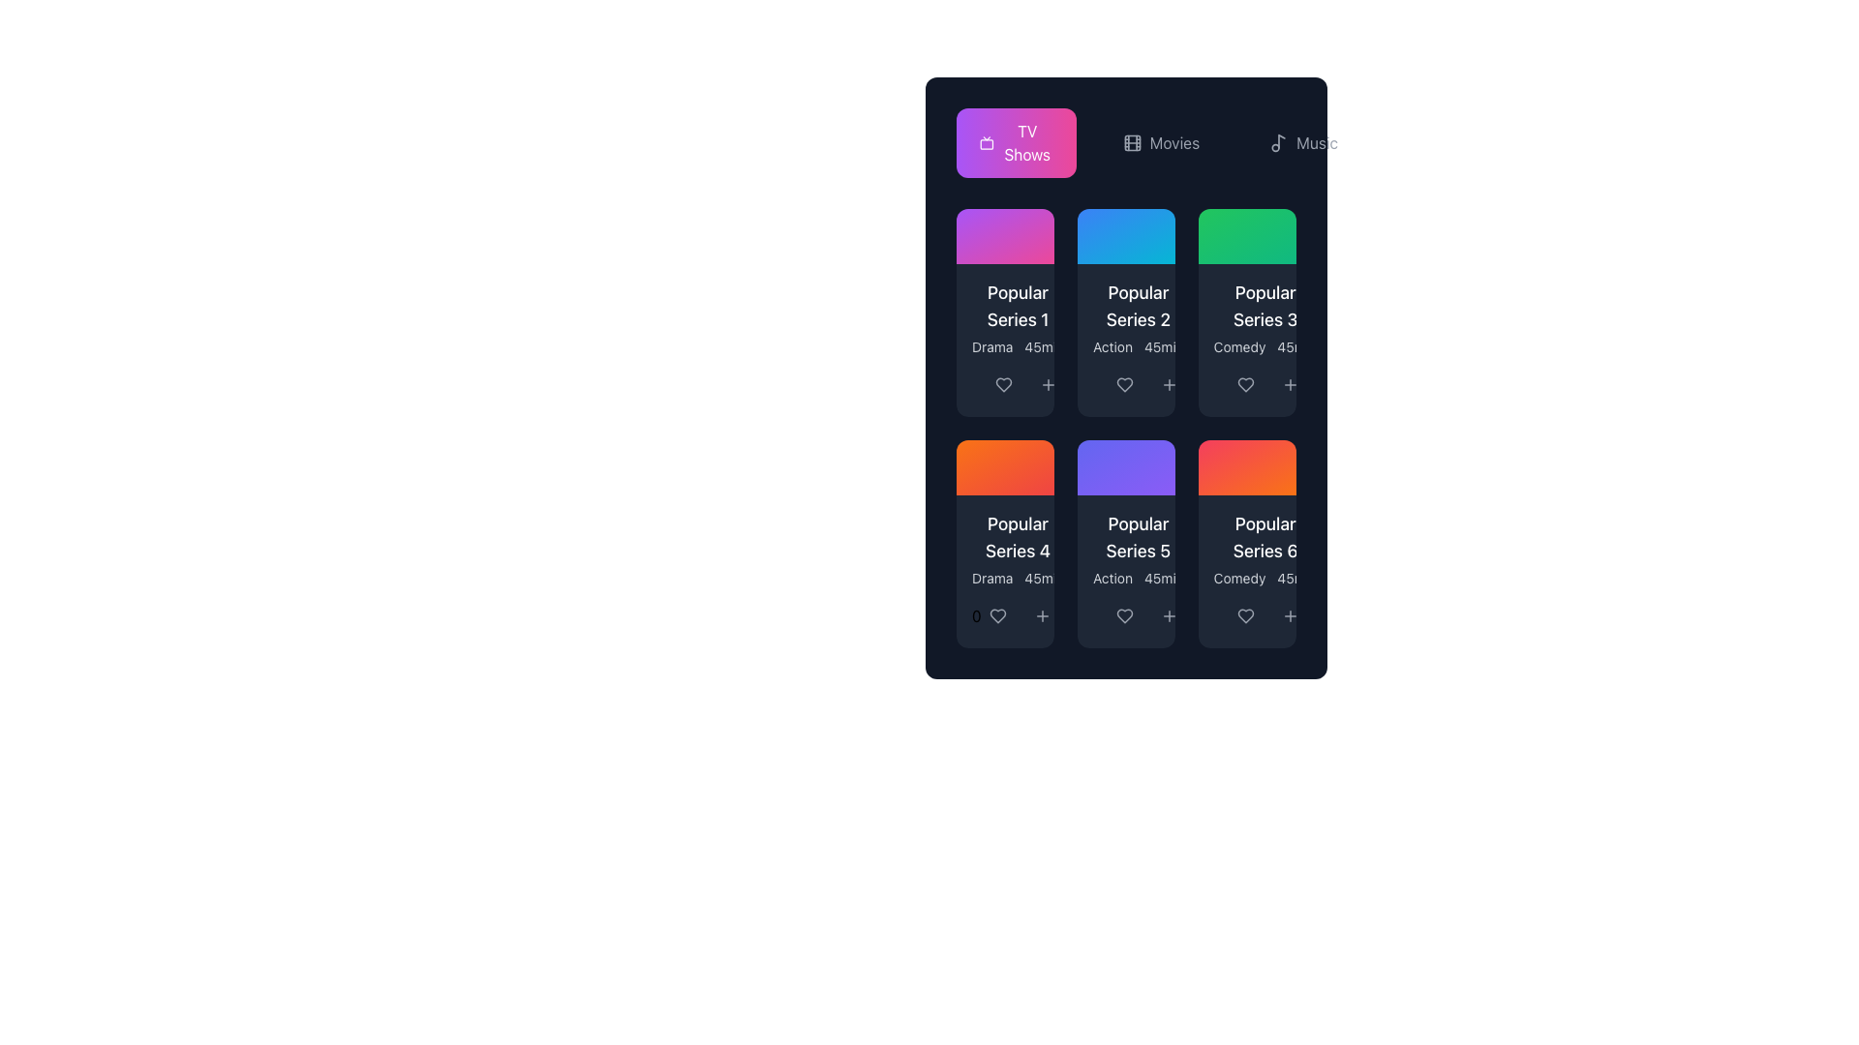  I want to click on the heart-shaped icon, which is the leftmost icon in the row of interactive icons at the bottom of the 'Popular Series 4' card, so click(997, 615).